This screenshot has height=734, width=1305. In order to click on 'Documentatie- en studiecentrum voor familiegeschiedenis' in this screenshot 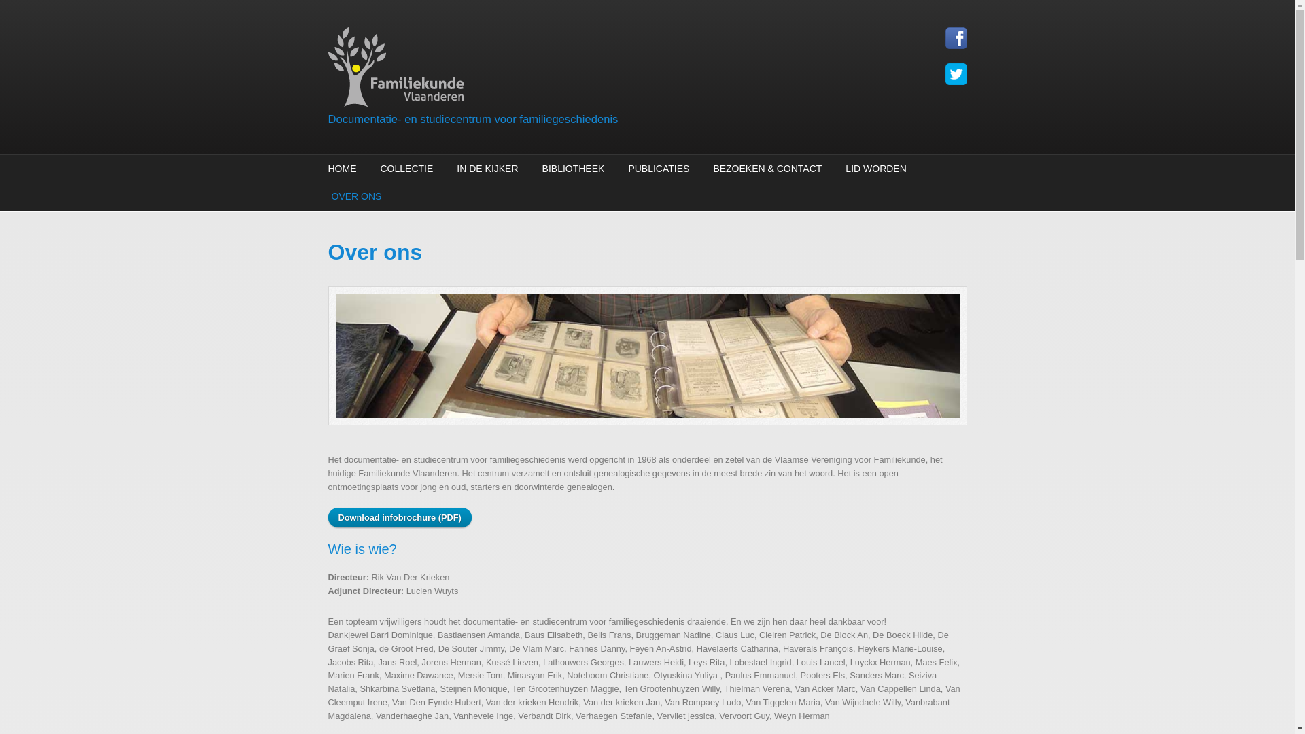, I will do `click(327, 118)`.